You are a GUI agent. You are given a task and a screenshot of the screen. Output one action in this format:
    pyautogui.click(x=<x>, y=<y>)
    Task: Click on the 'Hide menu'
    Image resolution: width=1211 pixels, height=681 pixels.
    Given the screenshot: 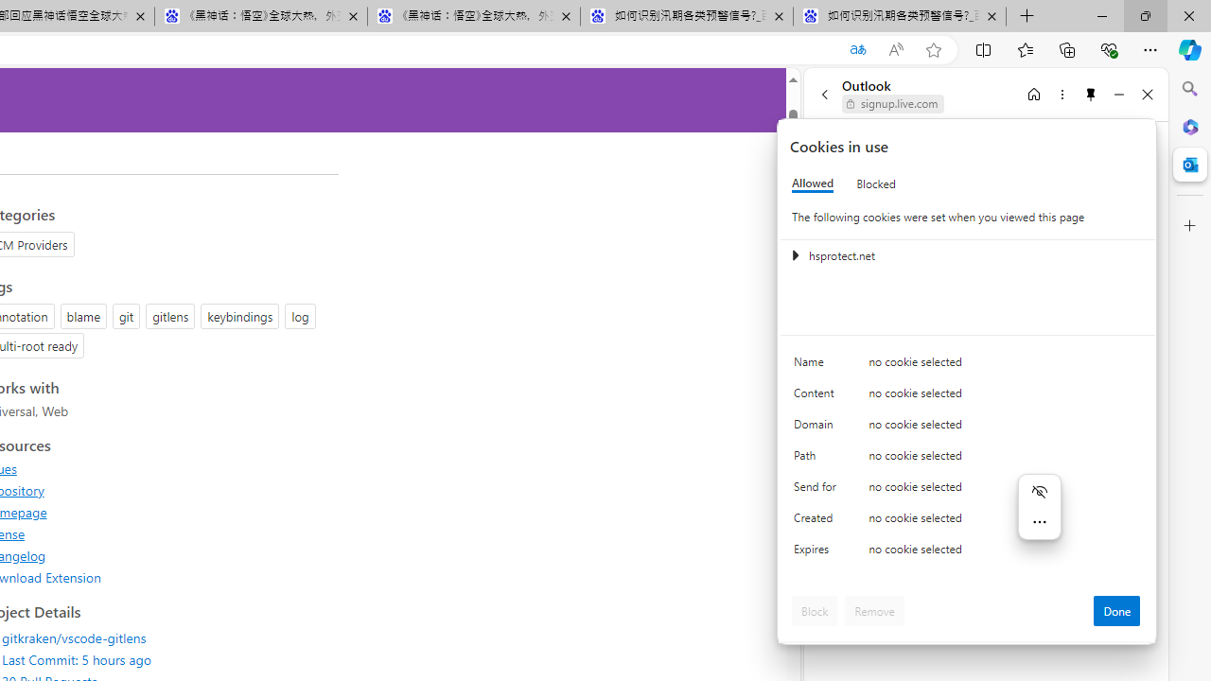 What is the action you would take?
    pyautogui.click(x=1038, y=490)
    